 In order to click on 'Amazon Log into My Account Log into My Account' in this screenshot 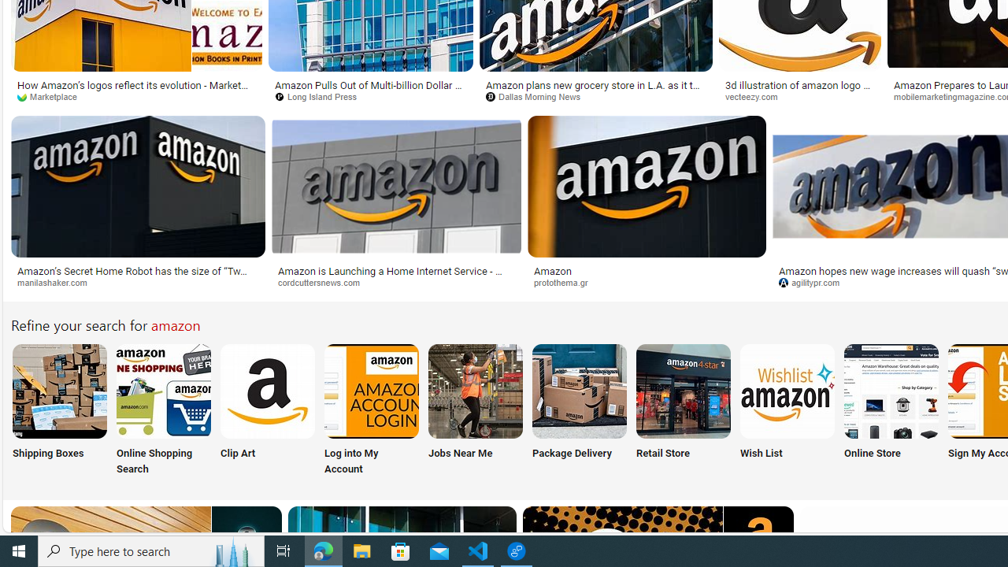, I will do `click(371, 410)`.